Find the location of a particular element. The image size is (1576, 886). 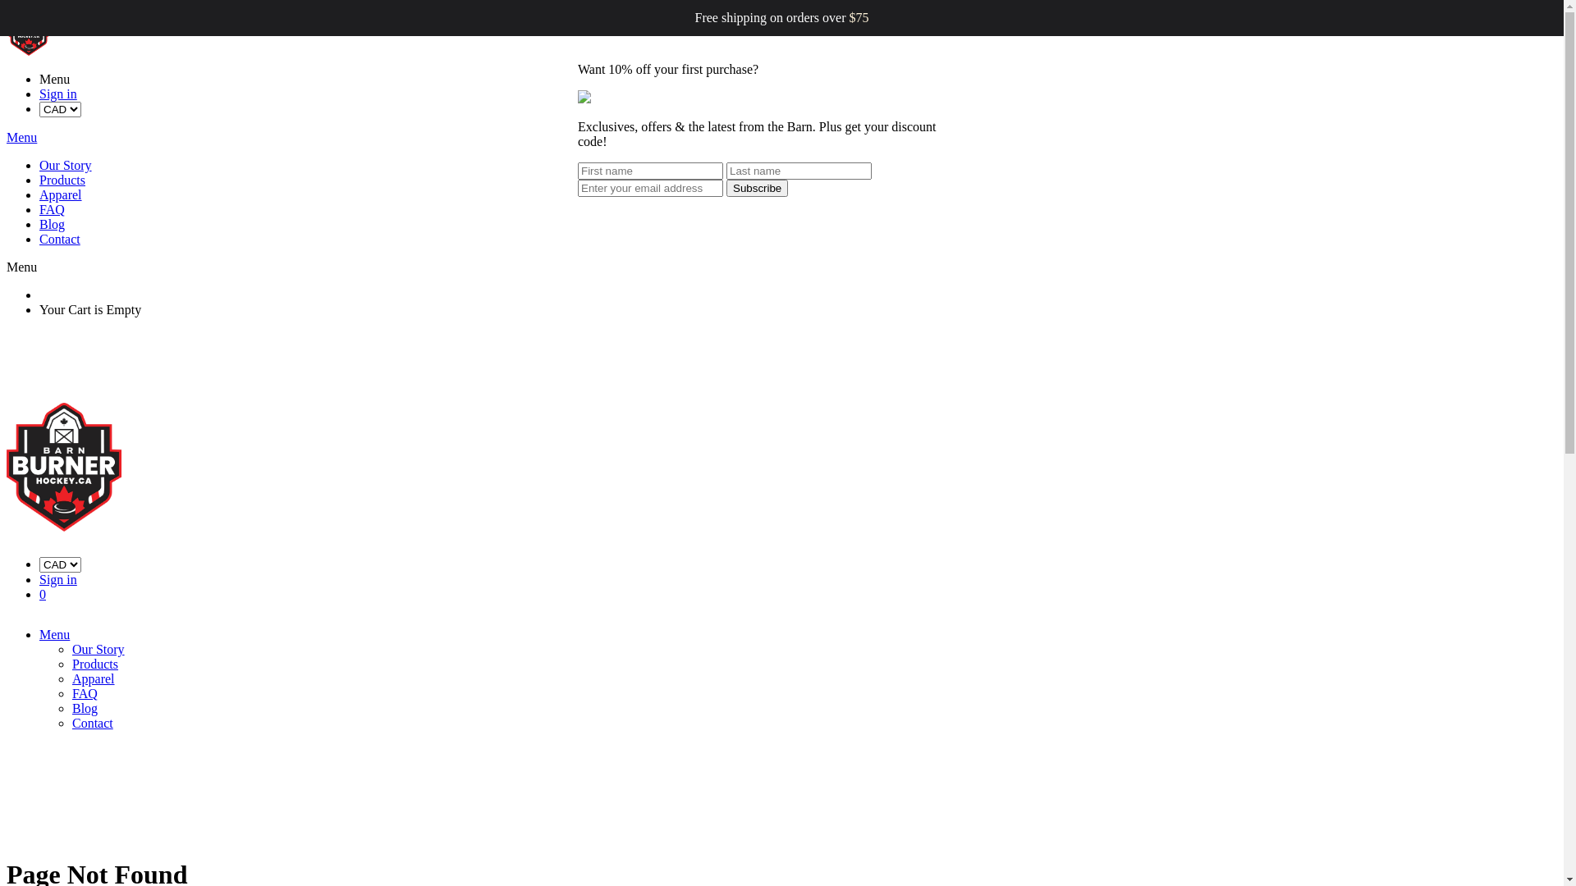

'Products' is located at coordinates (39, 180).